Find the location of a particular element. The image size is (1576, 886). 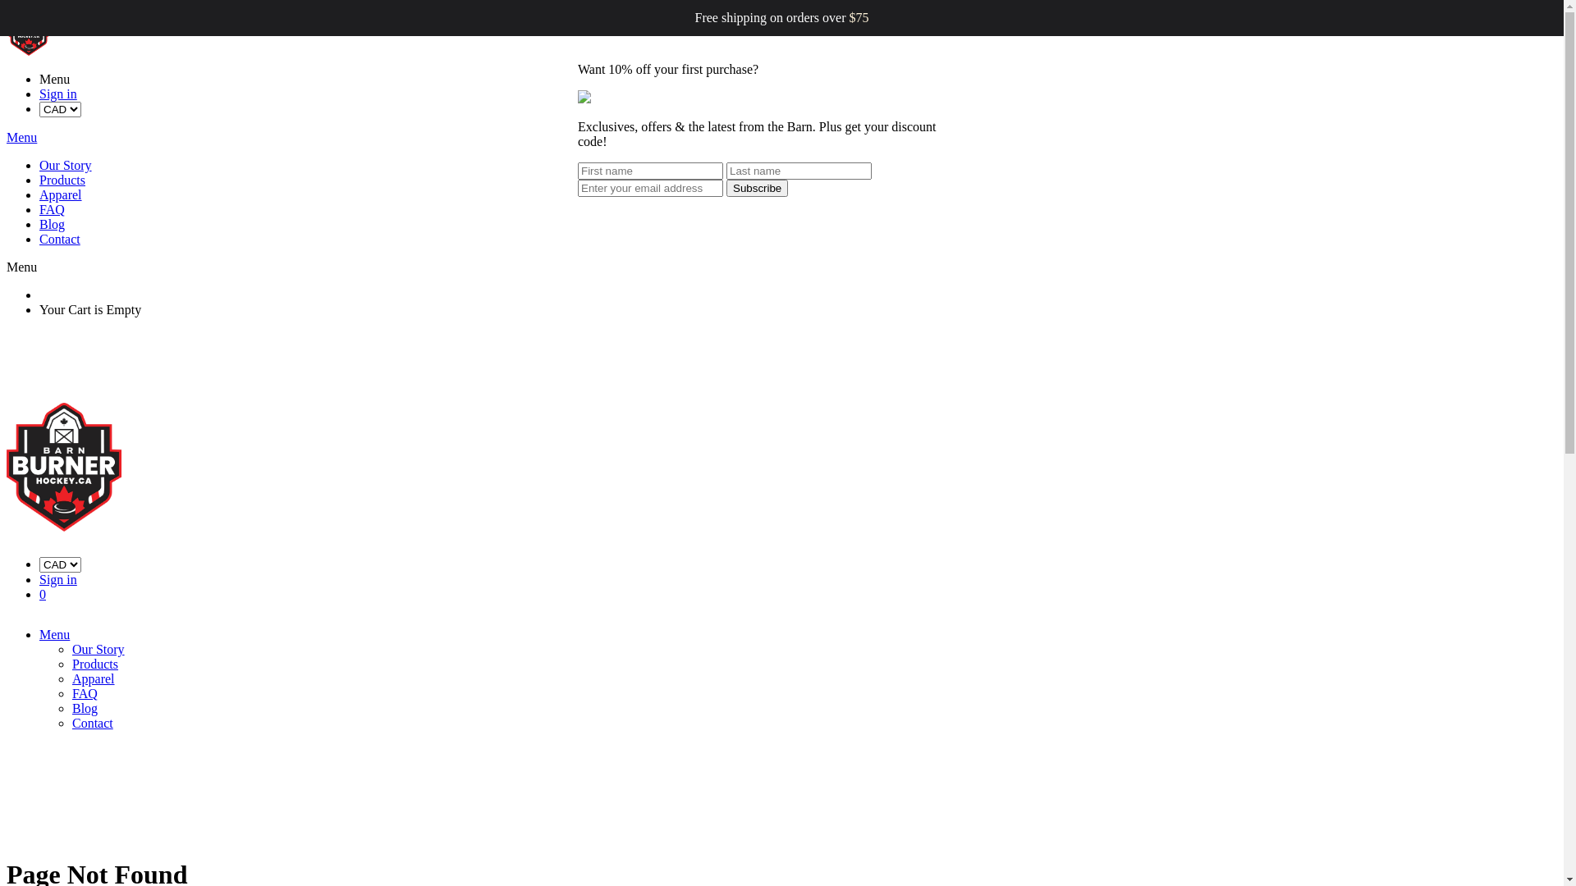

'Products' is located at coordinates (39, 180).